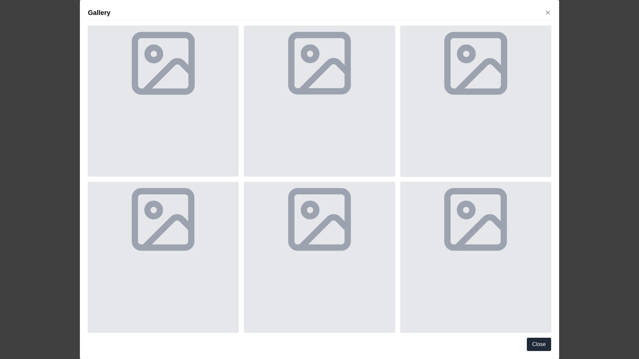 Image resolution: width=639 pixels, height=359 pixels. What do you see at coordinates (163, 63) in the screenshot?
I see `the small rectangular graphic element located in the top-left corner of the image placeholder icon, which is visually represented without any text or imagery` at bounding box center [163, 63].